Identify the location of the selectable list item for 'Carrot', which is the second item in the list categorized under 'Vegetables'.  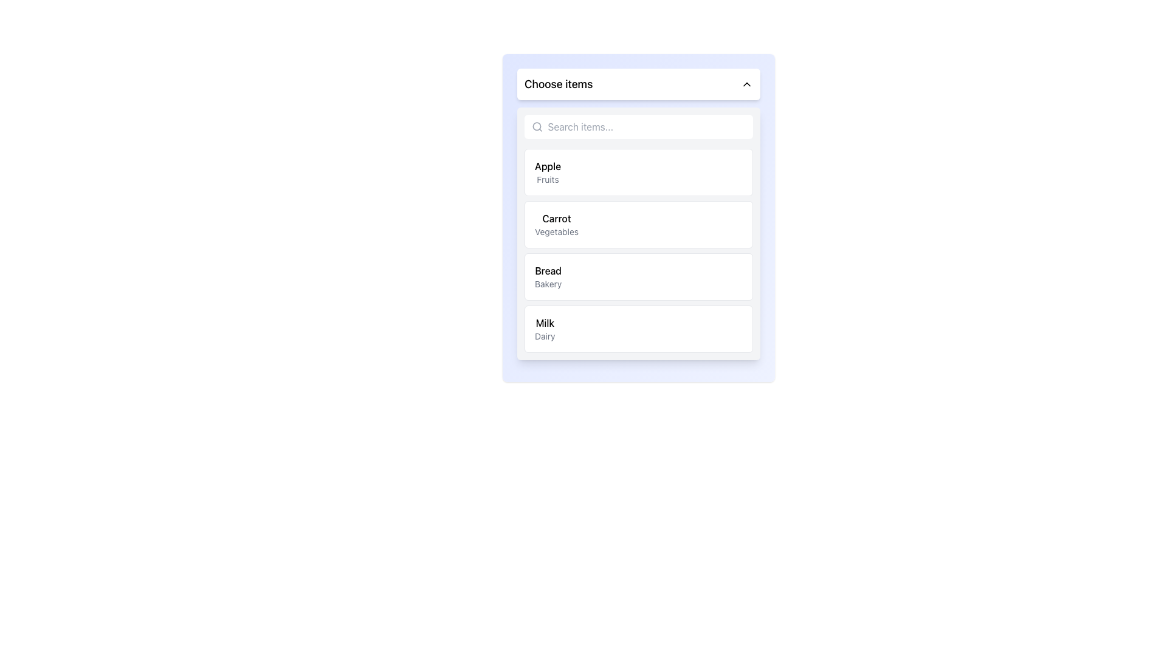
(638, 217).